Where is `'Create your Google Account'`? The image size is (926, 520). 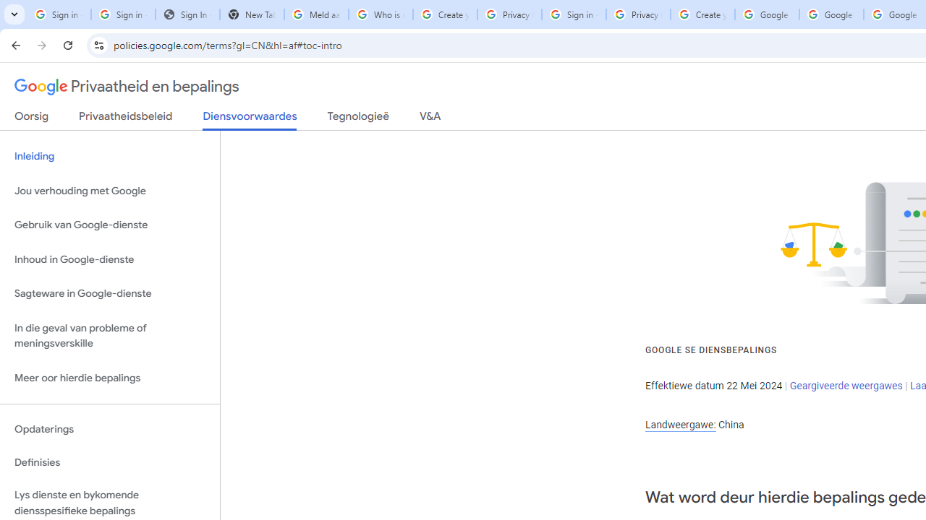
'Create your Google Account' is located at coordinates (702, 14).